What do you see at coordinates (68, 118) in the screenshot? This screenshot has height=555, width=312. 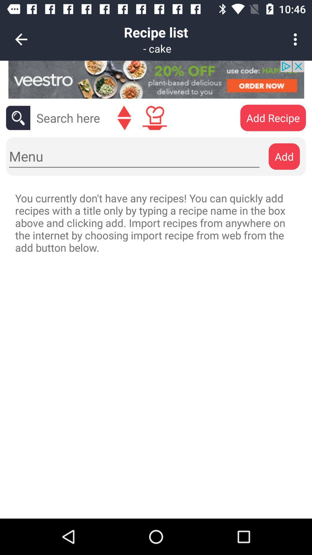 I see `search the recipe` at bounding box center [68, 118].